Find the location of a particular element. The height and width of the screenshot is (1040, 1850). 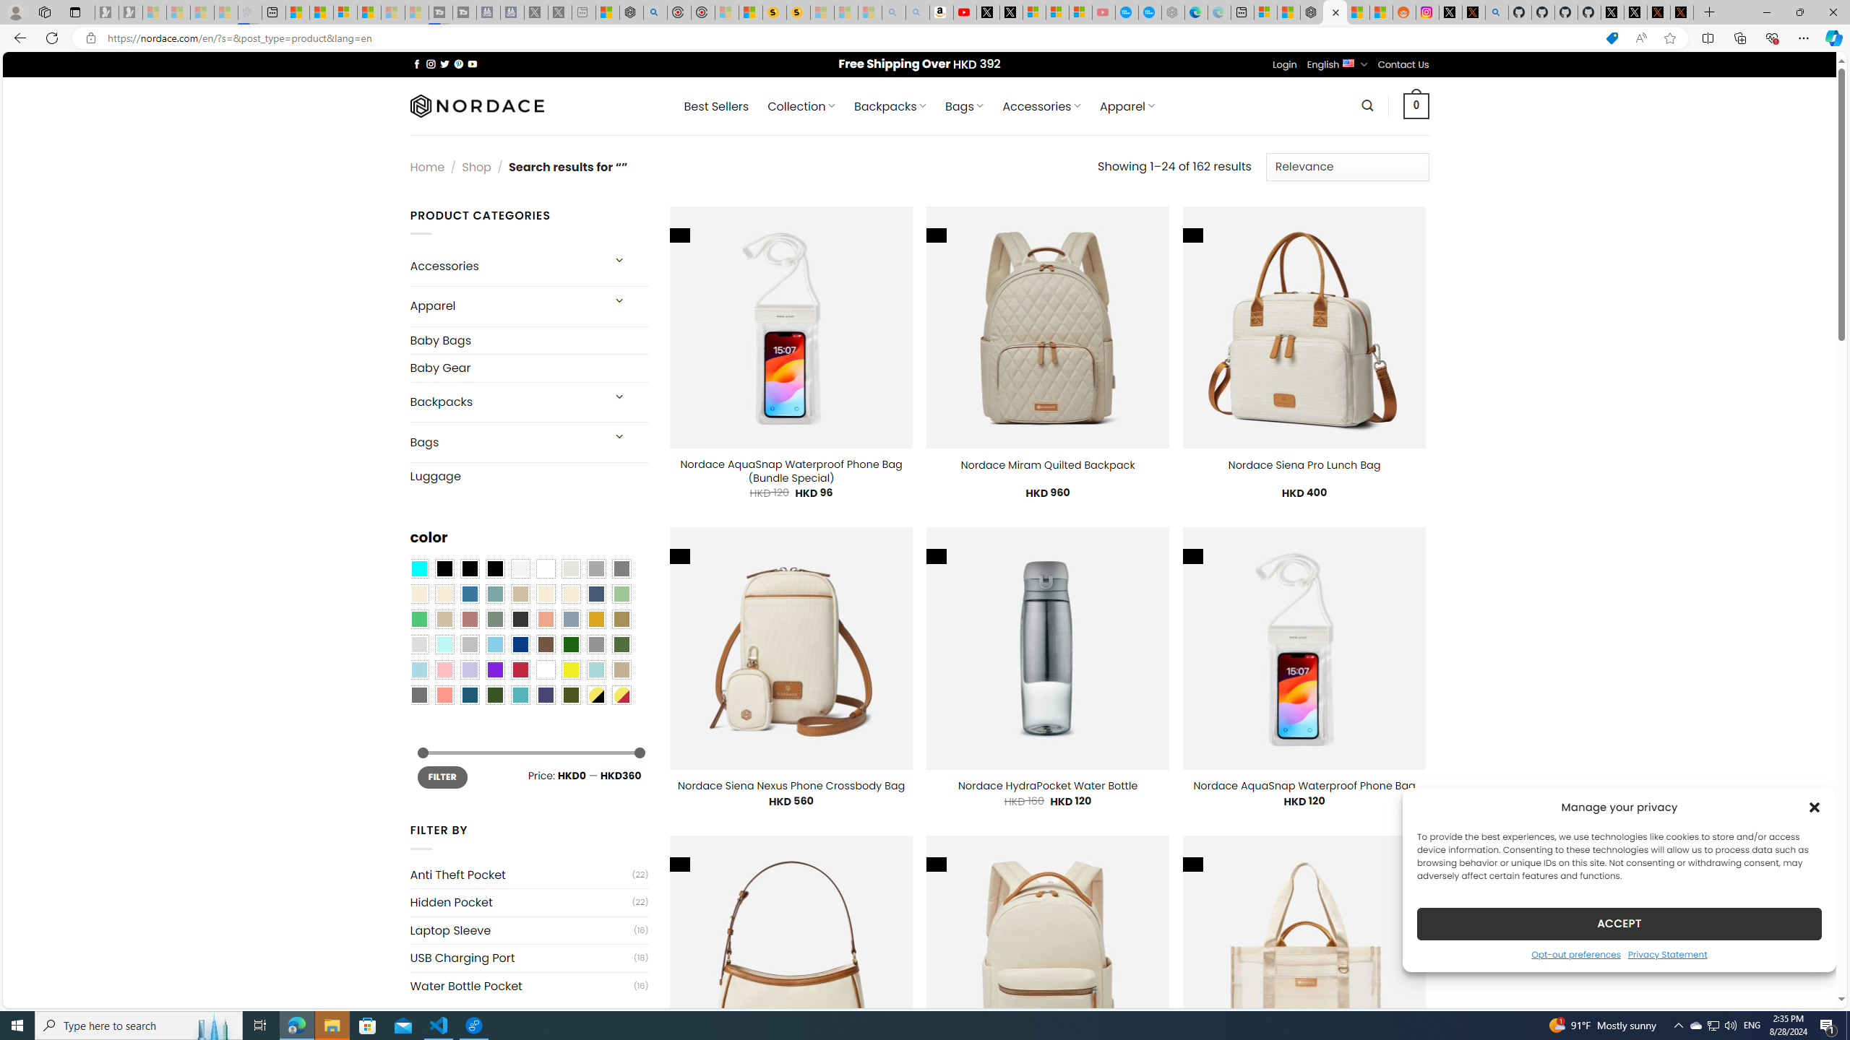

'Tab actions menu' is located at coordinates (74, 12).